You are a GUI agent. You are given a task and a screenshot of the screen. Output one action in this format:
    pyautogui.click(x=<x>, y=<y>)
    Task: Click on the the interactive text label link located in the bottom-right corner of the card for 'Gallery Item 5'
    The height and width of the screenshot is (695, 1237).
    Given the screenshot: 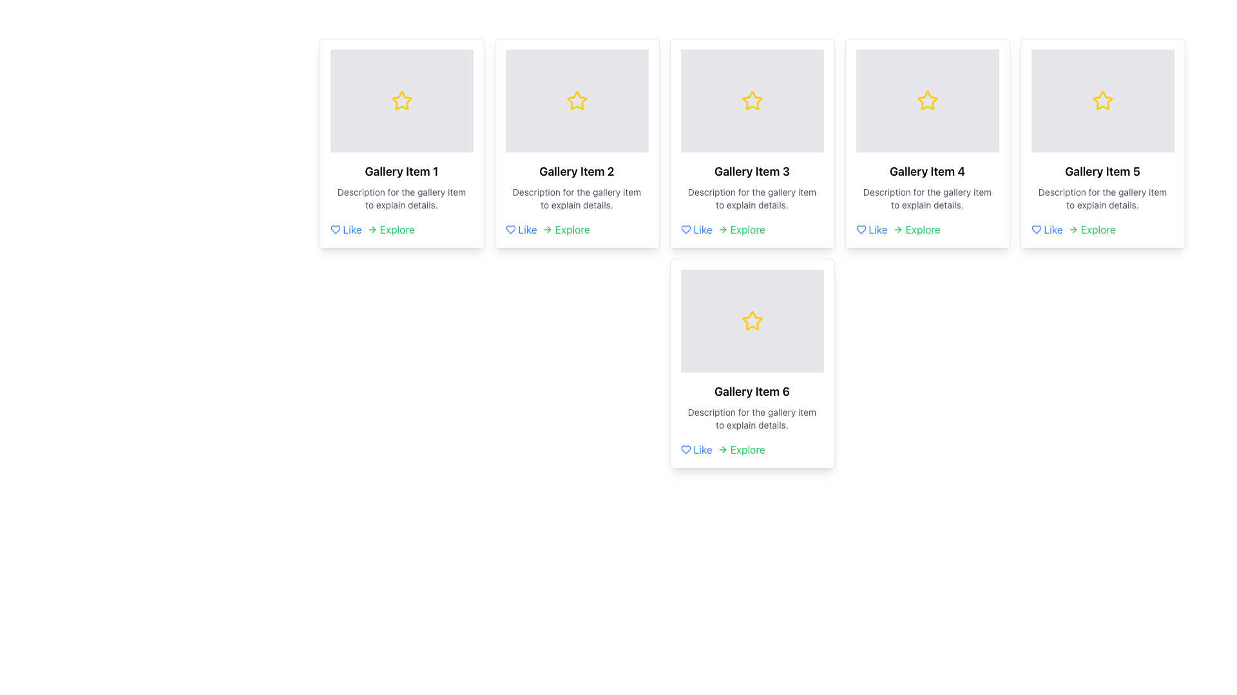 What is the action you would take?
    pyautogui.click(x=1091, y=229)
    